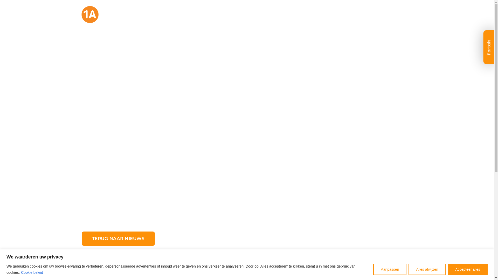  Describe the element at coordinates (118, 239) in the screenshot. I see `'TERUG NAAR NIEUWS'` at that location.